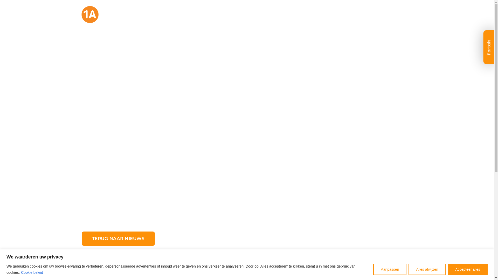  Describe the element at coordinates (118, 239) in the screenshot. I see `'TERUG NAAR NIEUWS'` at that location.